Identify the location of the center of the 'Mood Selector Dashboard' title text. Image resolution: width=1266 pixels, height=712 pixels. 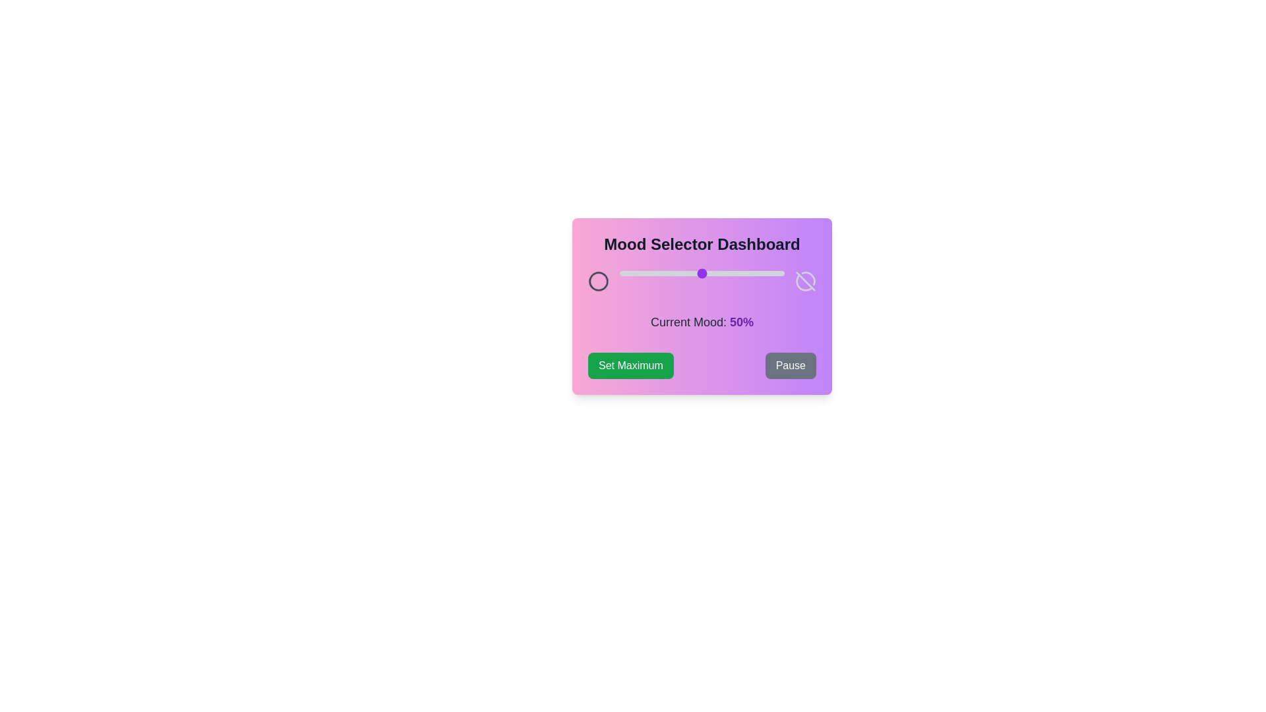
(702, 244).